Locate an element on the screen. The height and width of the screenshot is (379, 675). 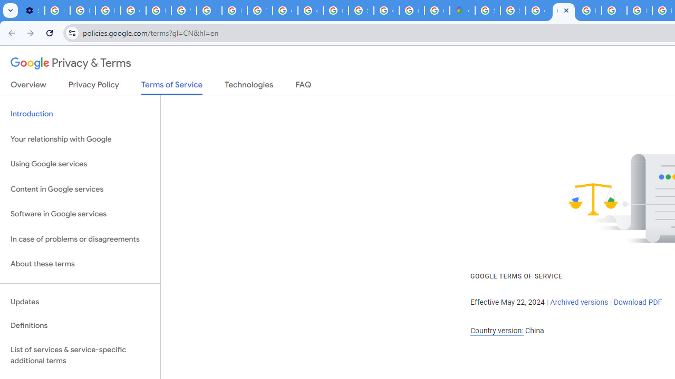
'Privacy Help Center - Policies Help' is located at coordinates (639, 11).